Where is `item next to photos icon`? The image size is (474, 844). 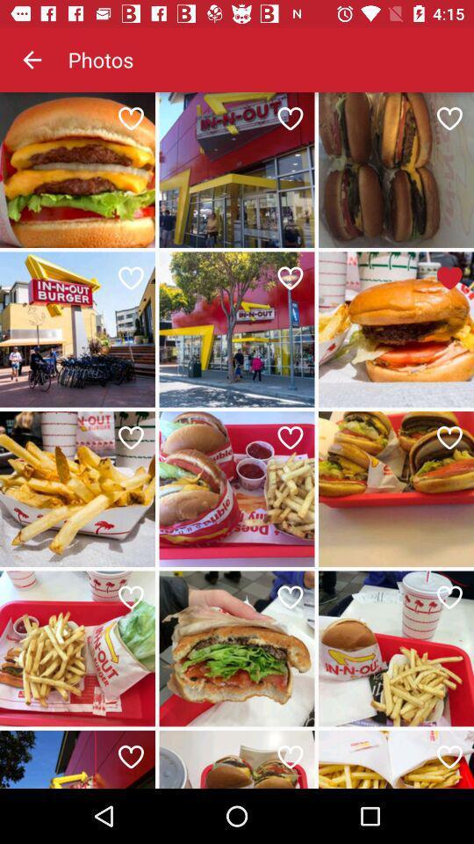 item next to photos icon is located at coordinates (32, 60).